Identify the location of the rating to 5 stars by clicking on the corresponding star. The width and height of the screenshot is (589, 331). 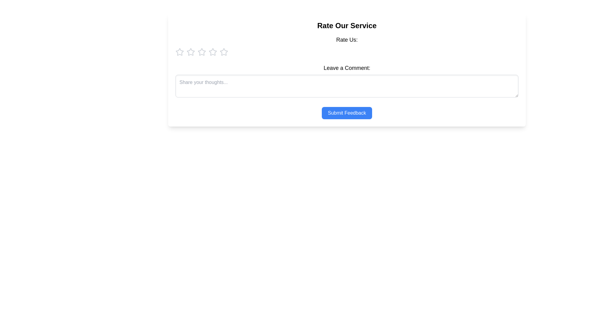
(223, 51).